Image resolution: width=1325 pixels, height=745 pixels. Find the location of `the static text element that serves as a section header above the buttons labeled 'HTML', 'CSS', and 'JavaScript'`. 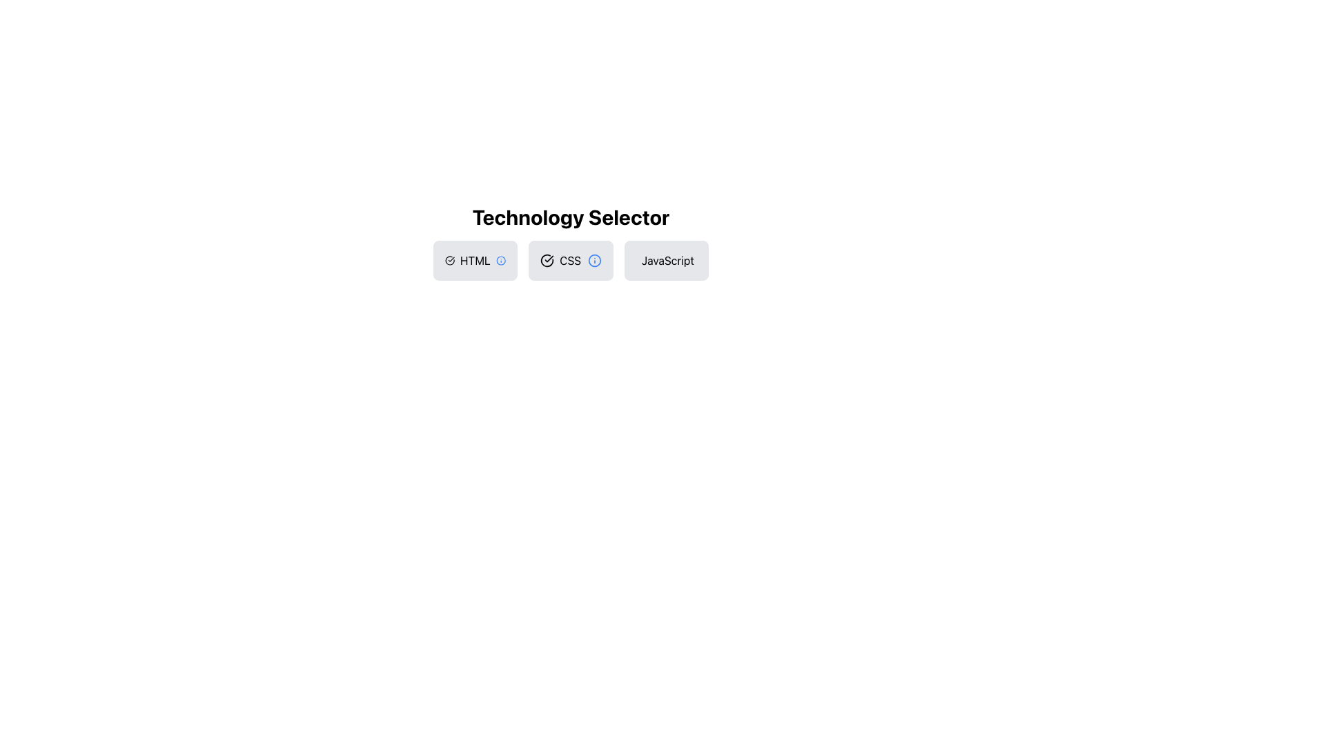

the static text element that serves as a section header above the buttons labeled 'HTML', 'CSS', and 'JavaScript' is located at coordinates (571, 217).